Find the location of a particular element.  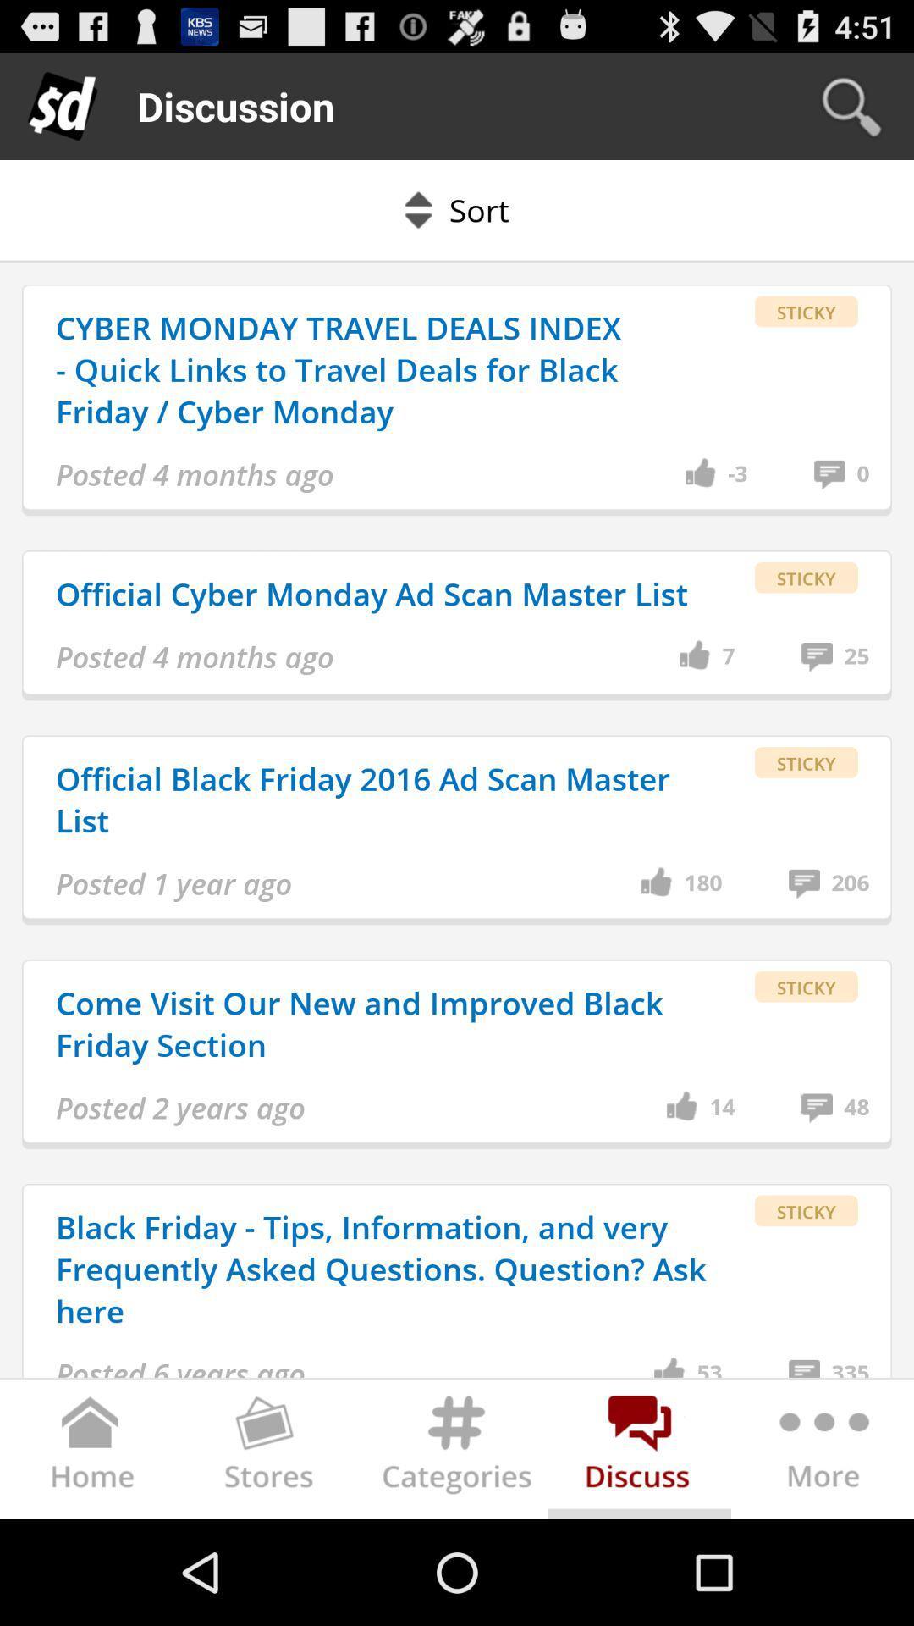

the come visit our icon is located at coordinates (384, 1023).